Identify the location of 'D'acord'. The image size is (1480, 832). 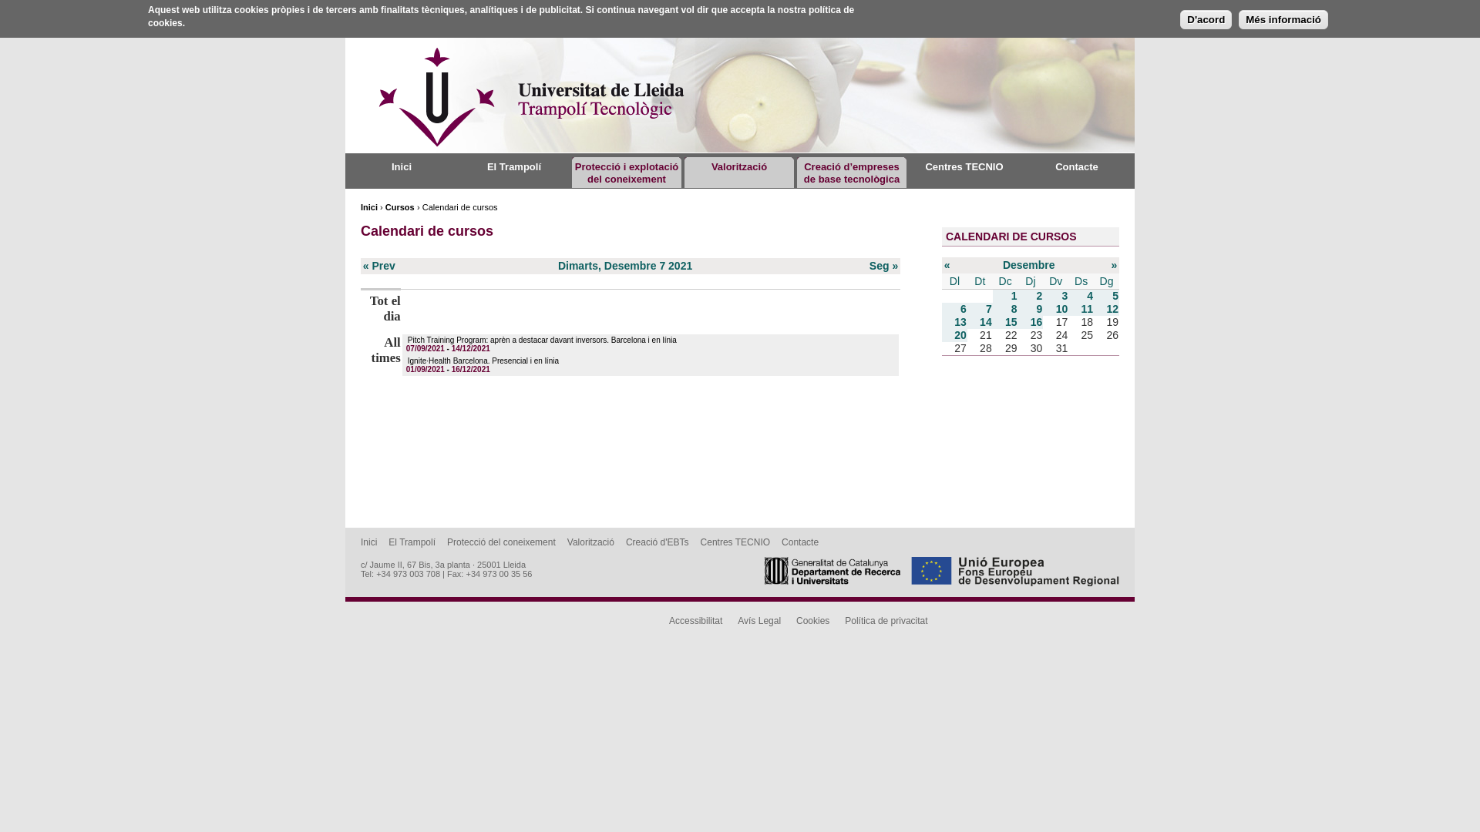
(1205, 19).